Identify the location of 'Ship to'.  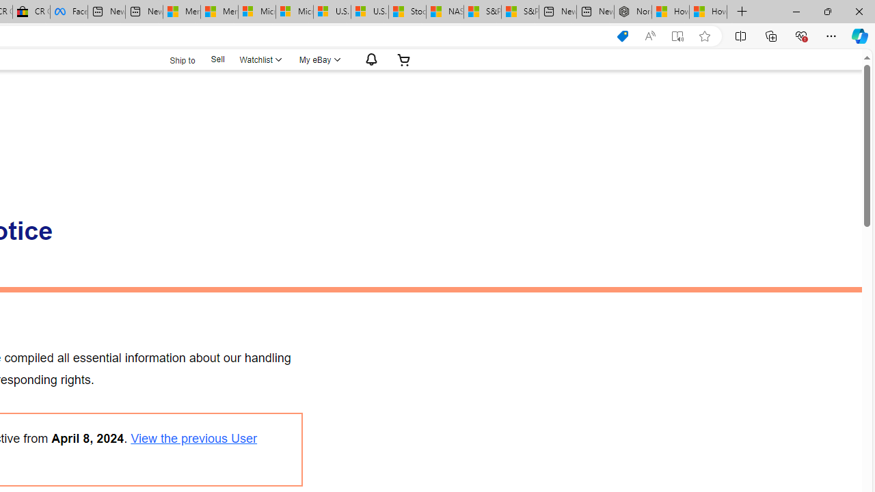
(173, 59).